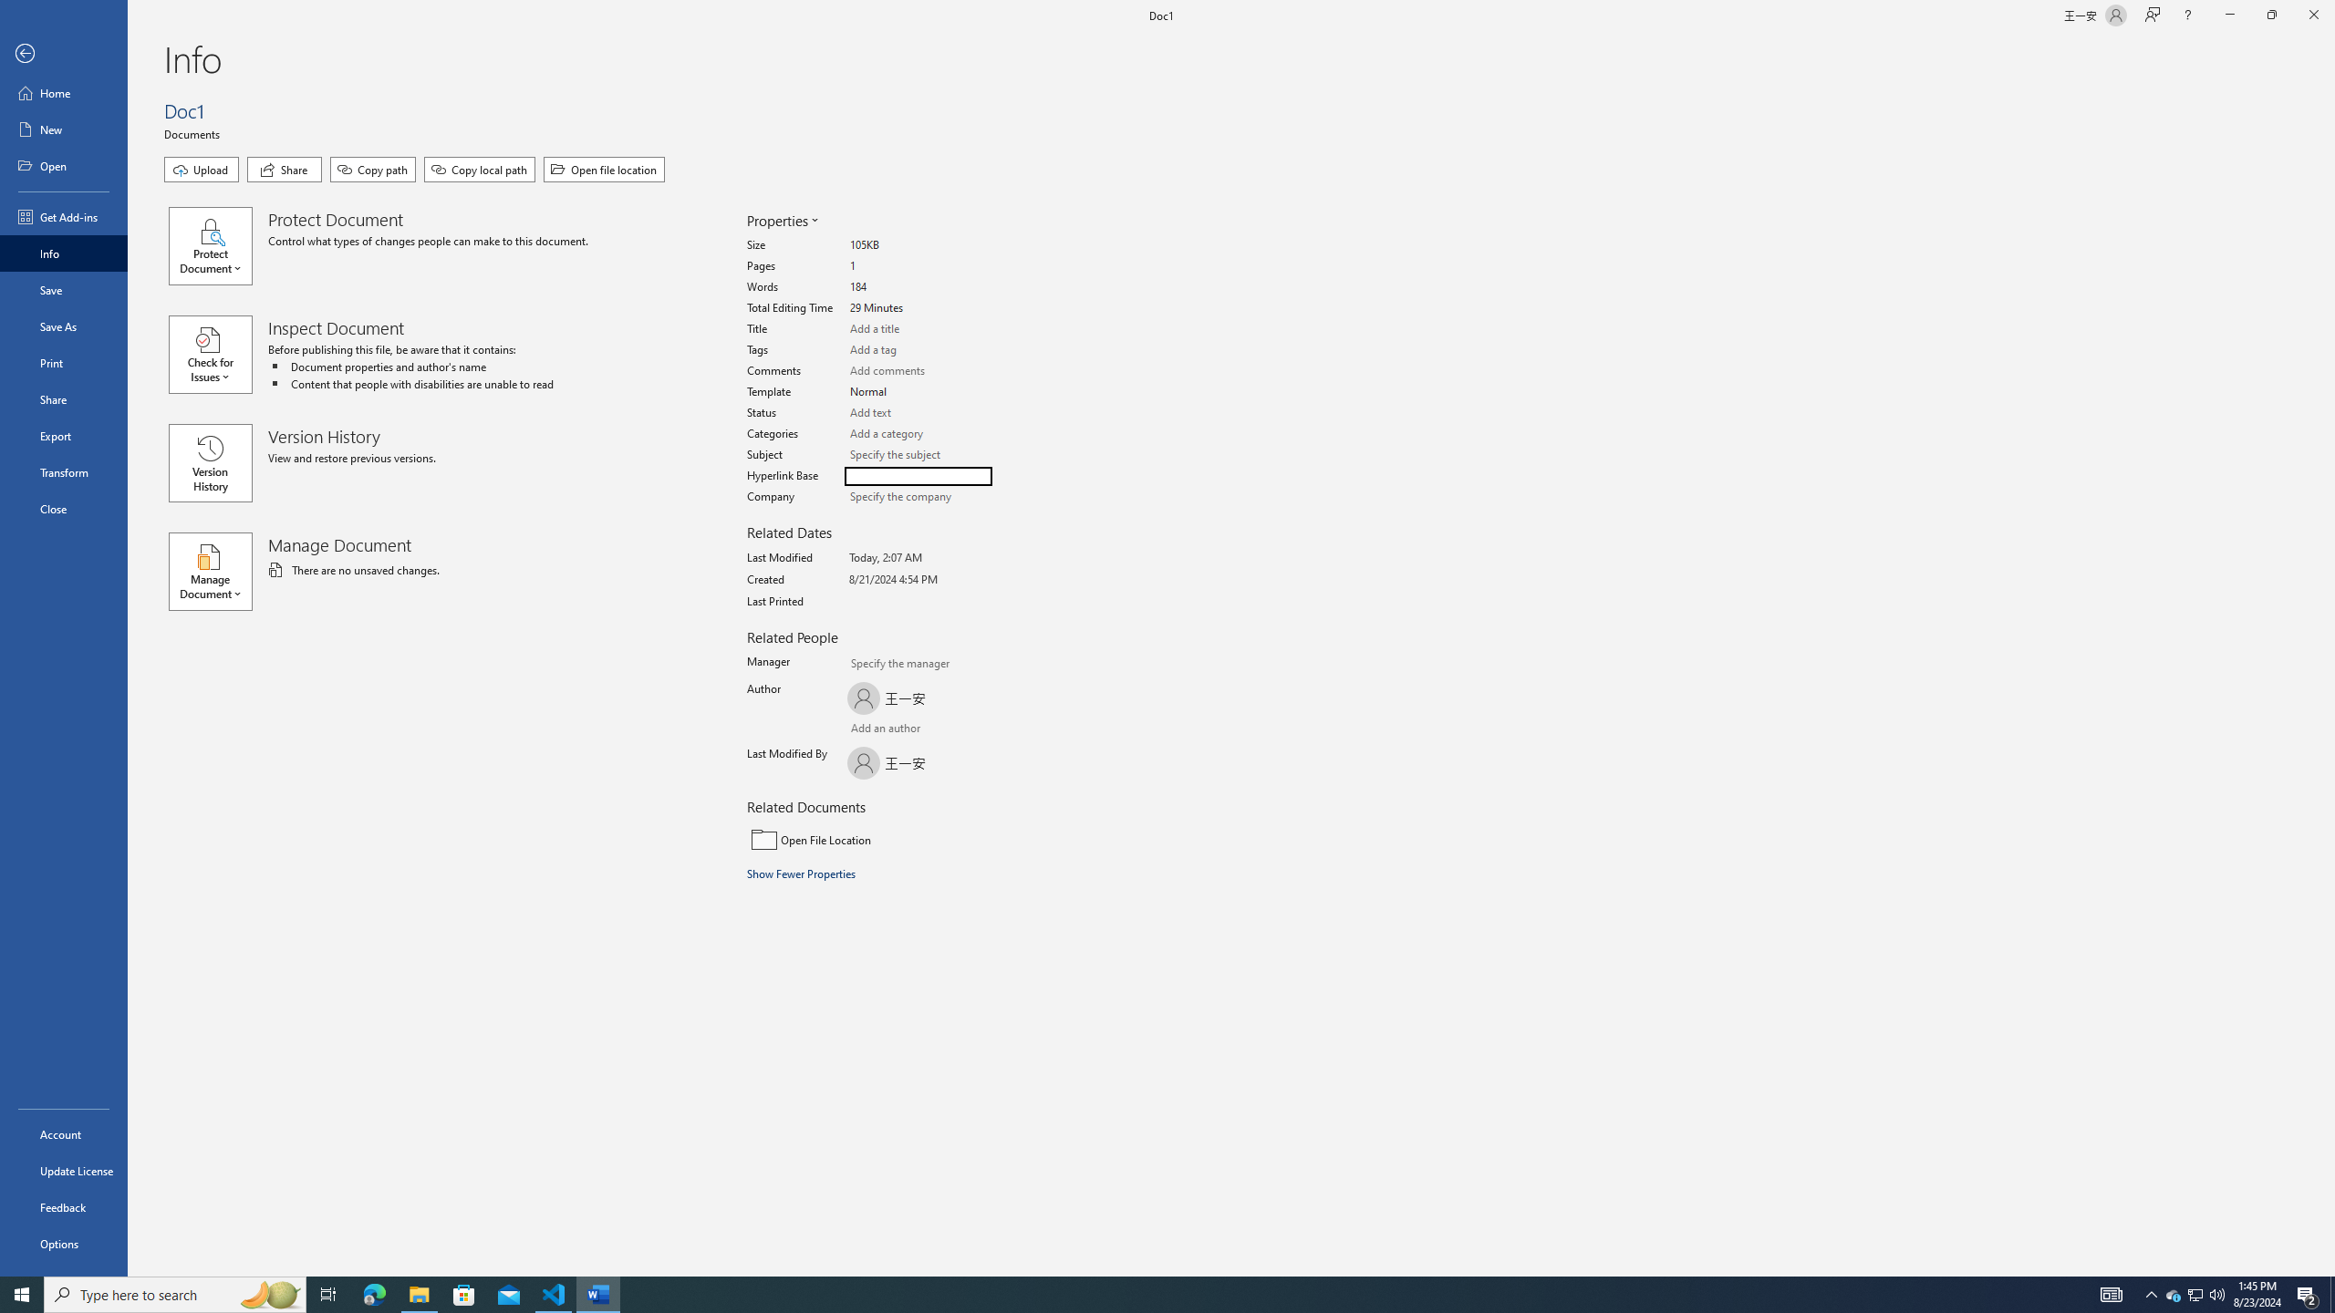 This screenshot has width=2335, height=1313. Describe the element at coordinates (479, 168) in the screenshot. I see `'Copy local path'` at that location.